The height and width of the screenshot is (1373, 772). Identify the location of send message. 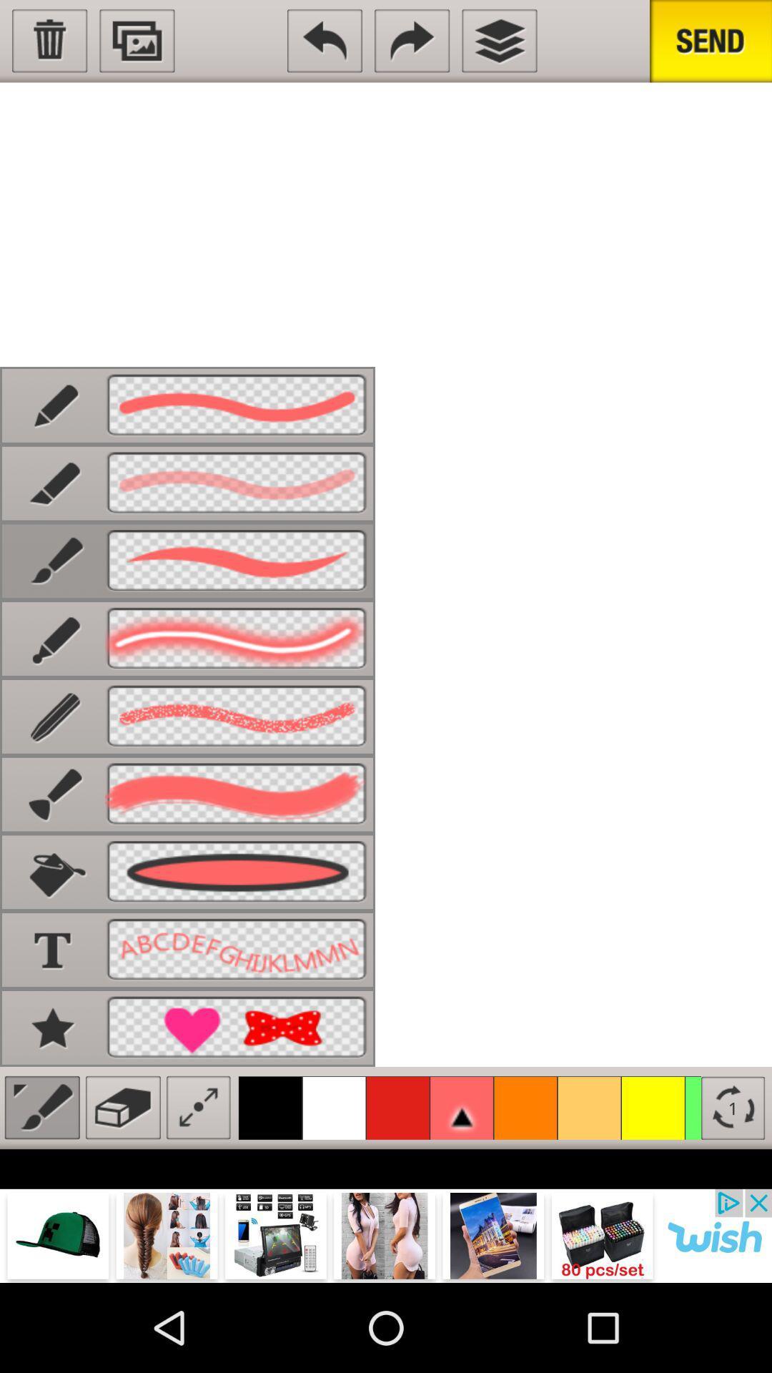
(711, 41).